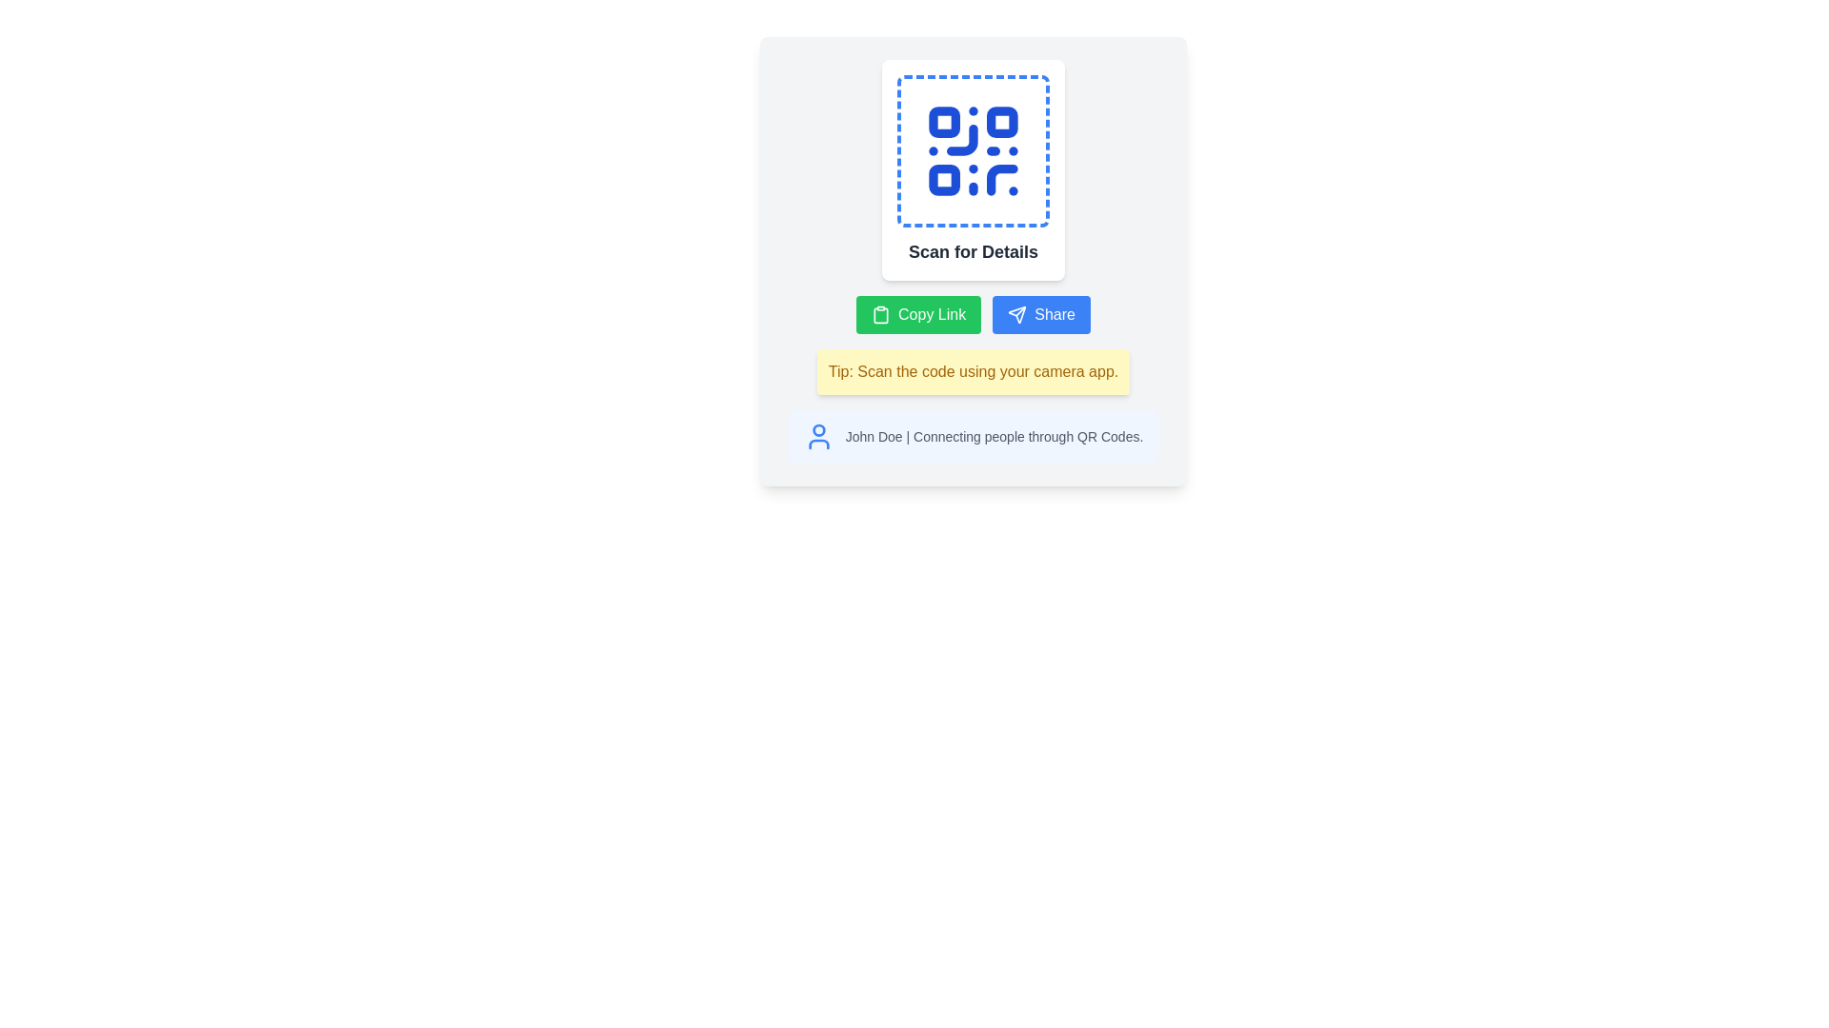 This screenshot has height=1028, width=1829. What do you see at coordinates (993, 437) in the screenshot?
I see `static text element displaying 'John Doe | Connecting people through QR Codes.' located within a blue-bordered rounded rectangle at the bottom of the interface, to the right of a blue user icon` at bounding box center [993, 437].